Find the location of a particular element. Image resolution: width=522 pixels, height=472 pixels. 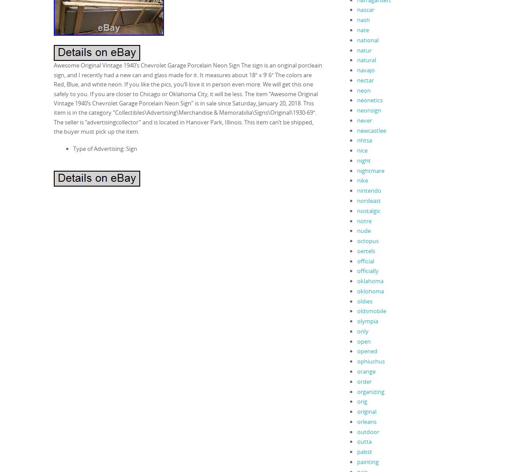

'oldies' is located at coordinates (356, 301).